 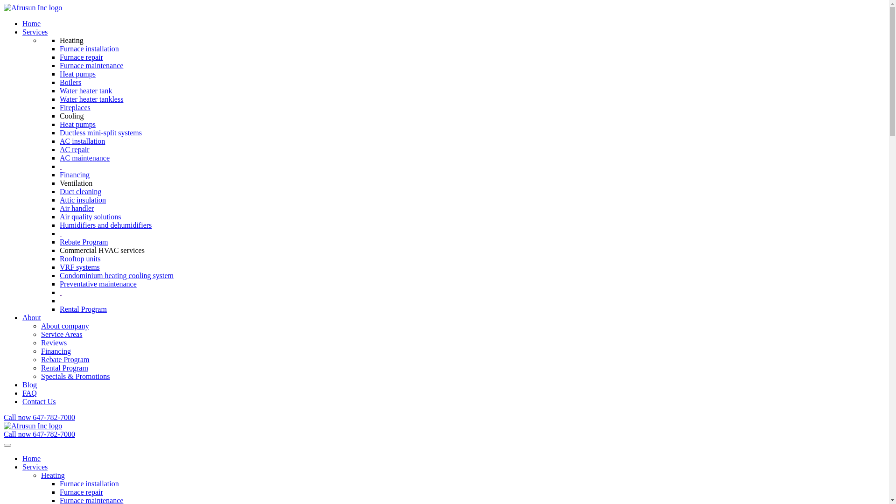 What do you see at coordinates (90, 217) in the screenshot?
I see `'Air quality solutions'` at bounding box center [90, 217].